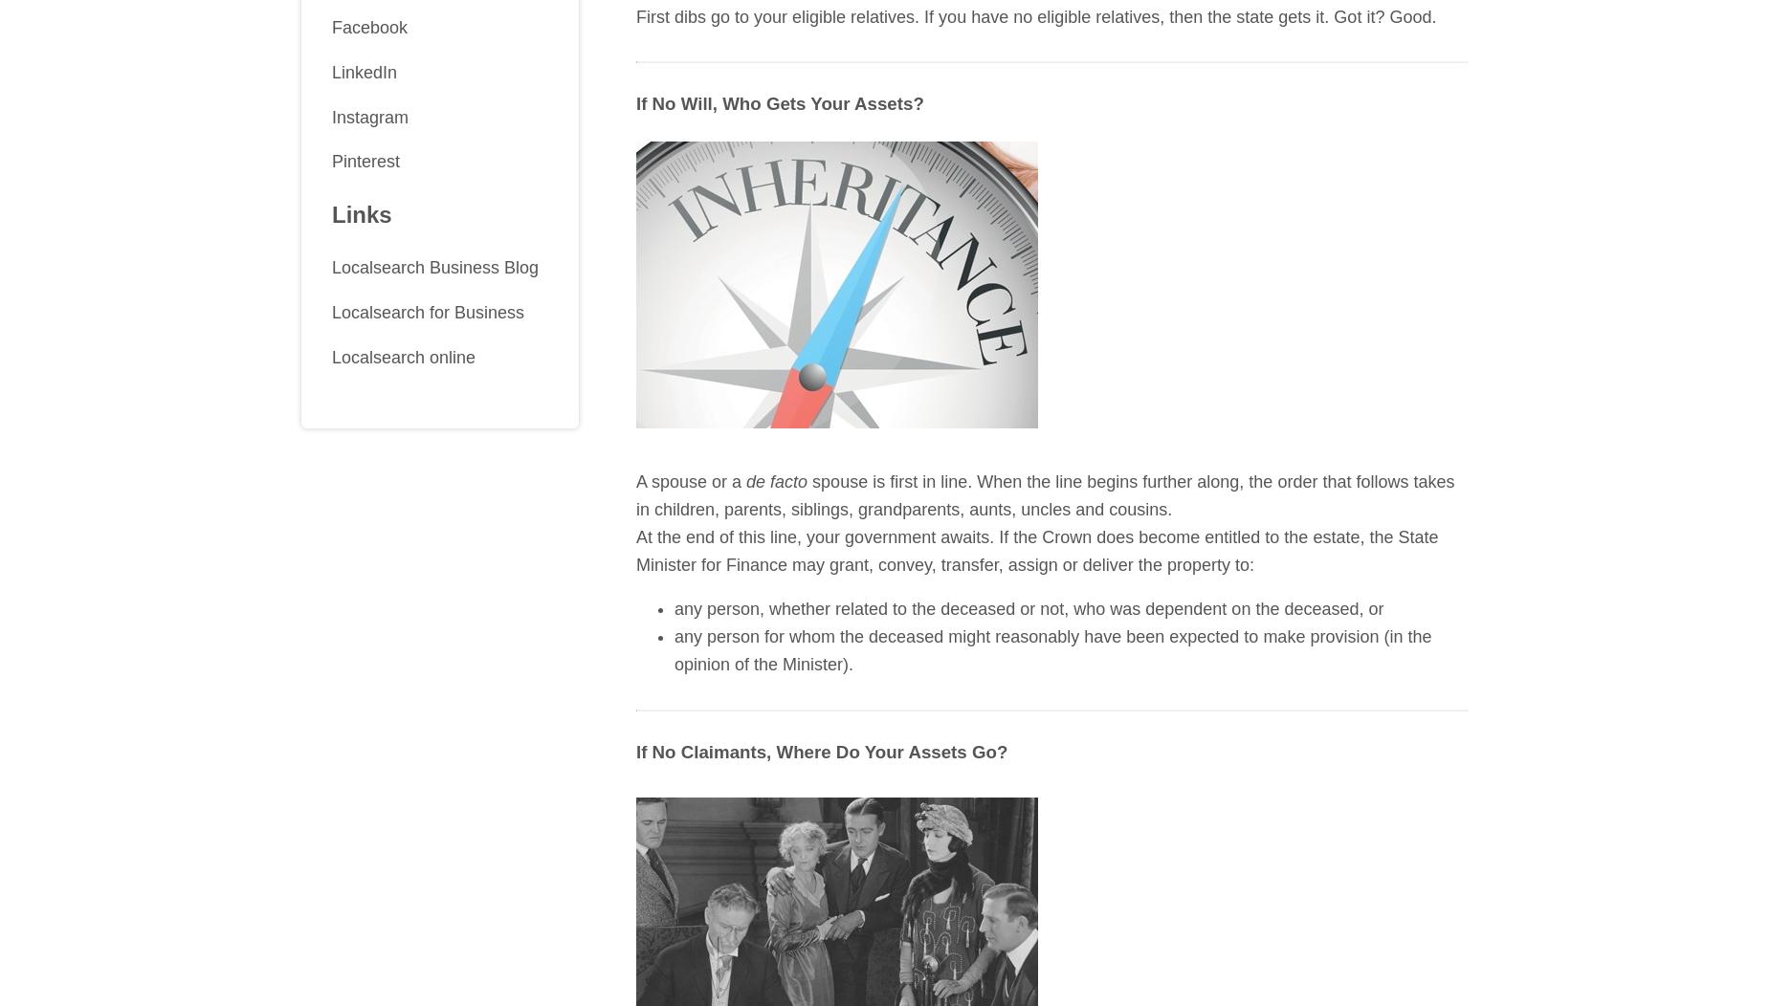 This screenshot has height=1006, width=1770. What do you see at coordinates (433, 268) in the screenshot?
I see `'Localsearch Business Blog'` at bounding box center [433, 268].